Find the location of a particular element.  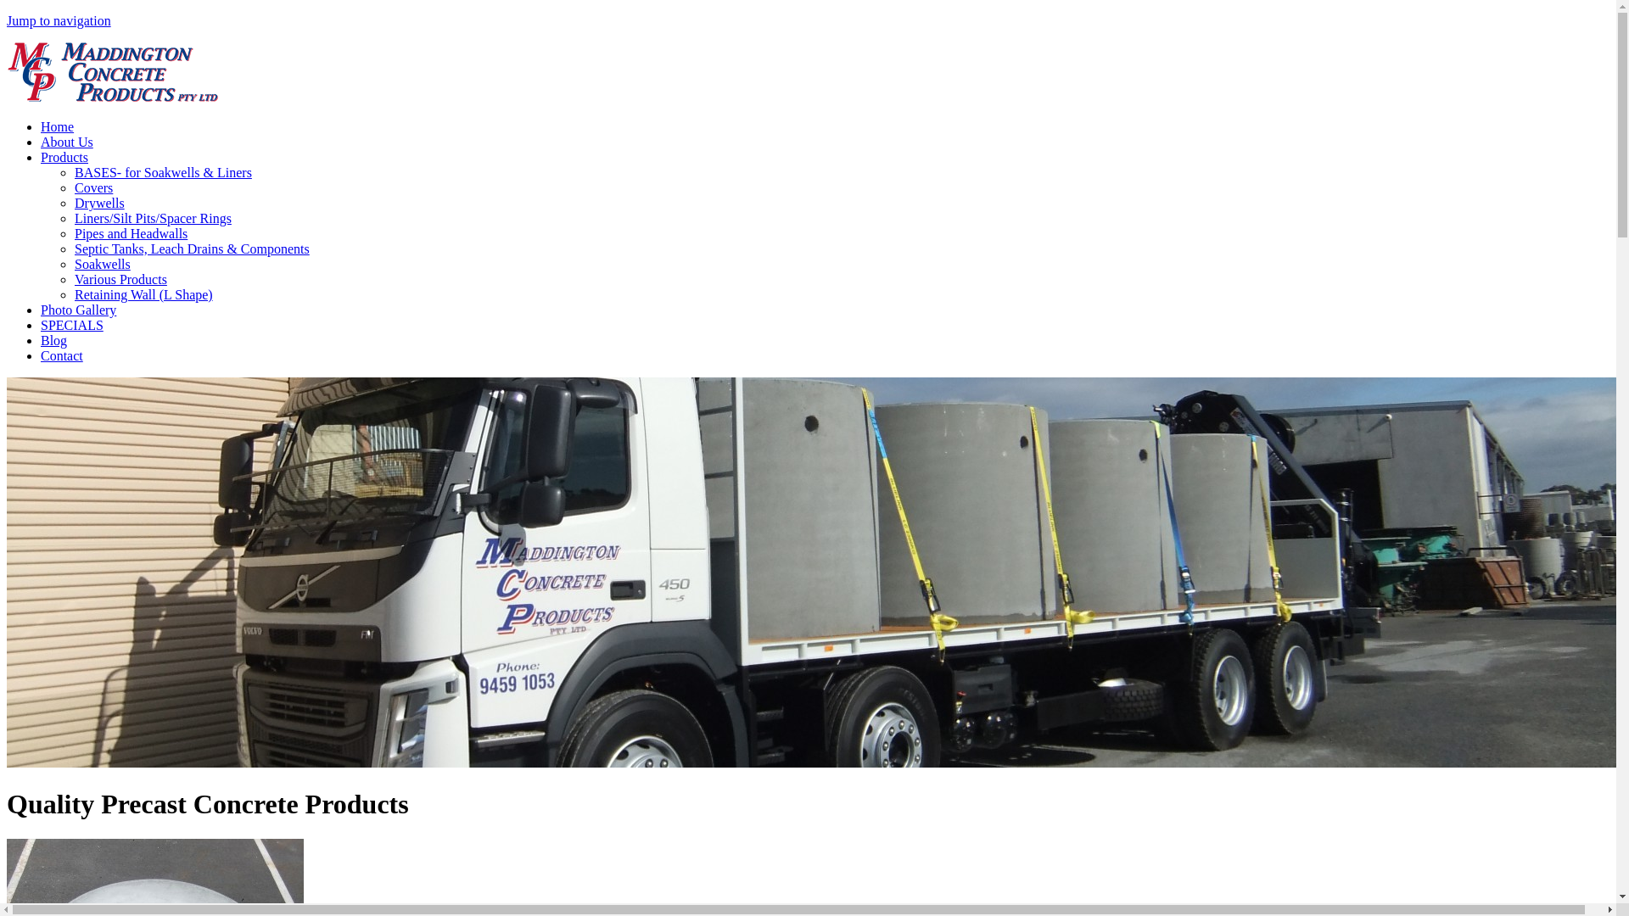

'About Us' is located at coordinates (41, 141).